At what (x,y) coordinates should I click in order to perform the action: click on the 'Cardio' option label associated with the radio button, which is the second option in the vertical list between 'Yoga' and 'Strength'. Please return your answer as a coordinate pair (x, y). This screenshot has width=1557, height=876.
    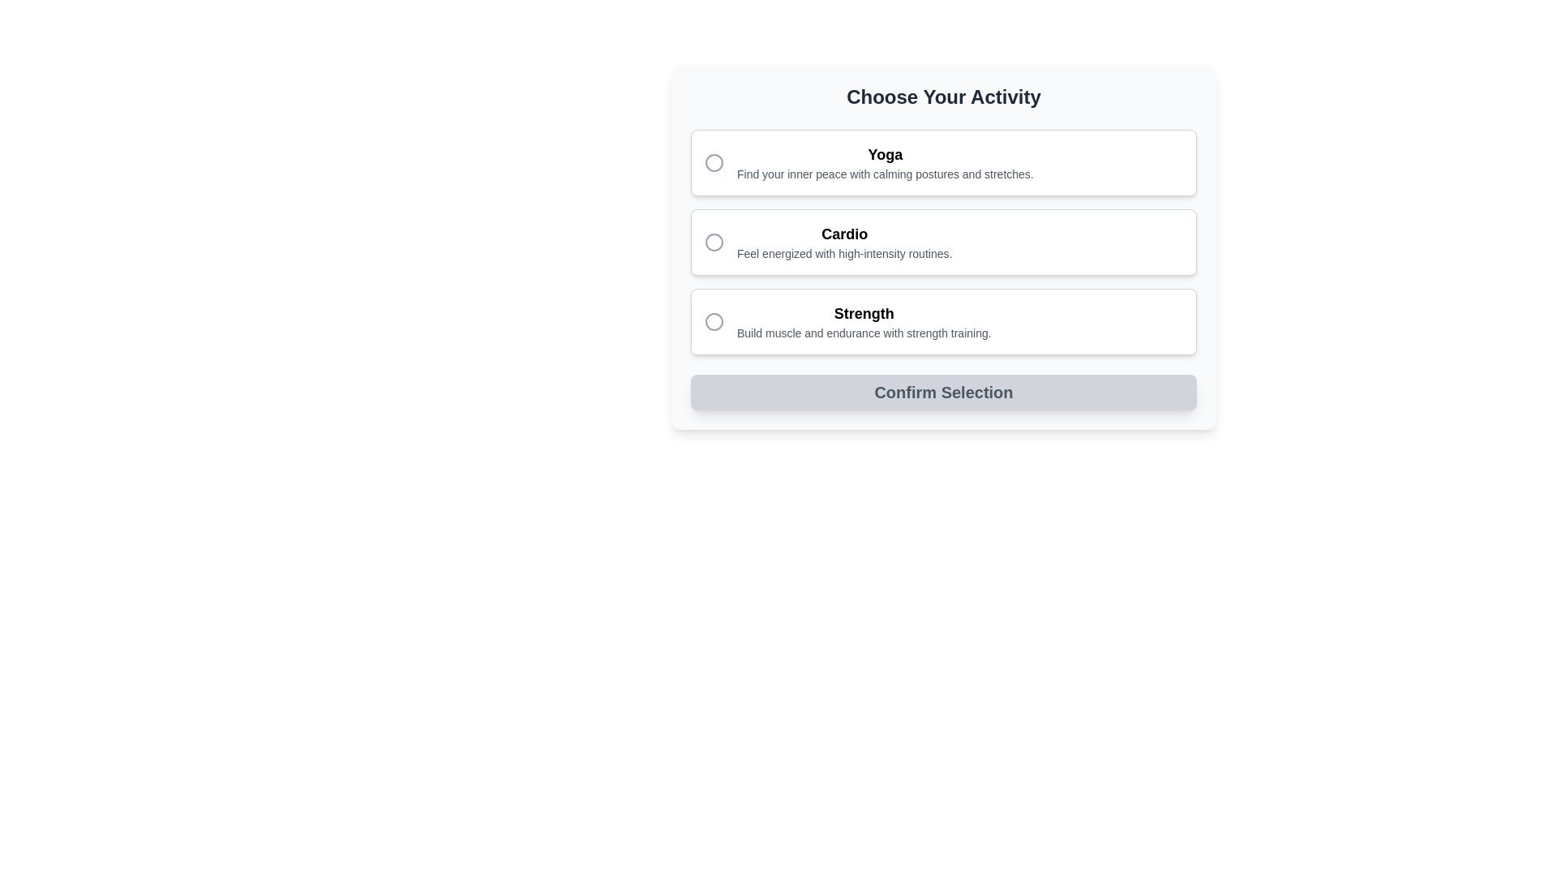
    Looking at the image, I should click on (828, 243).